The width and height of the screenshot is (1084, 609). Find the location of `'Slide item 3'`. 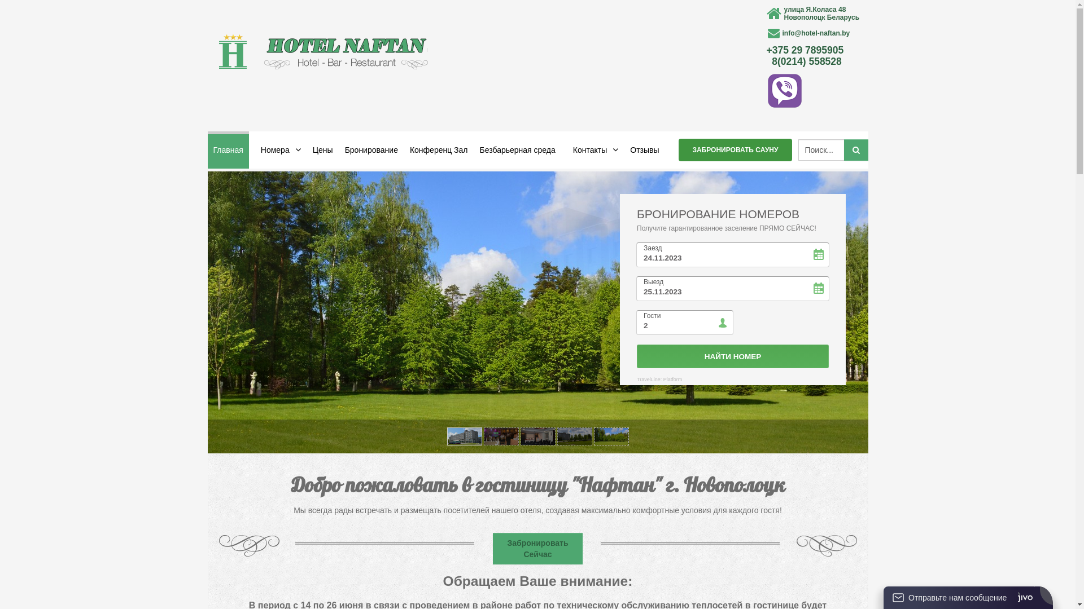

'Slide item 3' is located at coordinates (536, 436).